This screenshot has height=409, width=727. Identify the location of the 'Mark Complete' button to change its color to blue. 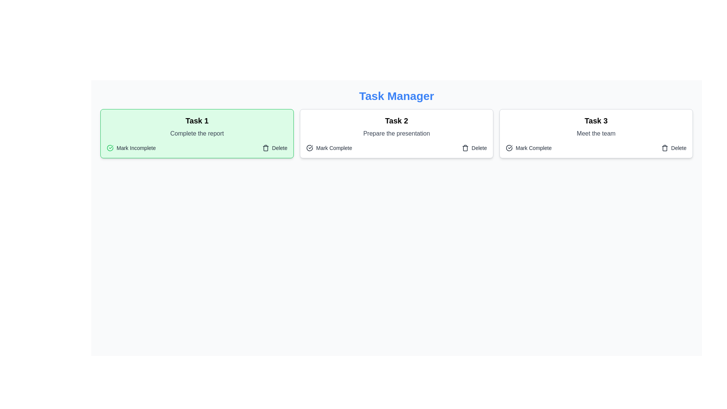
(528, 148).